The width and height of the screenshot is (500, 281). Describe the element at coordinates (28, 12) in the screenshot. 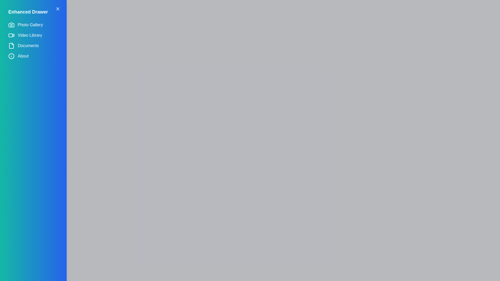

I see `the heading text in the left-side navigation drawer` at that location.